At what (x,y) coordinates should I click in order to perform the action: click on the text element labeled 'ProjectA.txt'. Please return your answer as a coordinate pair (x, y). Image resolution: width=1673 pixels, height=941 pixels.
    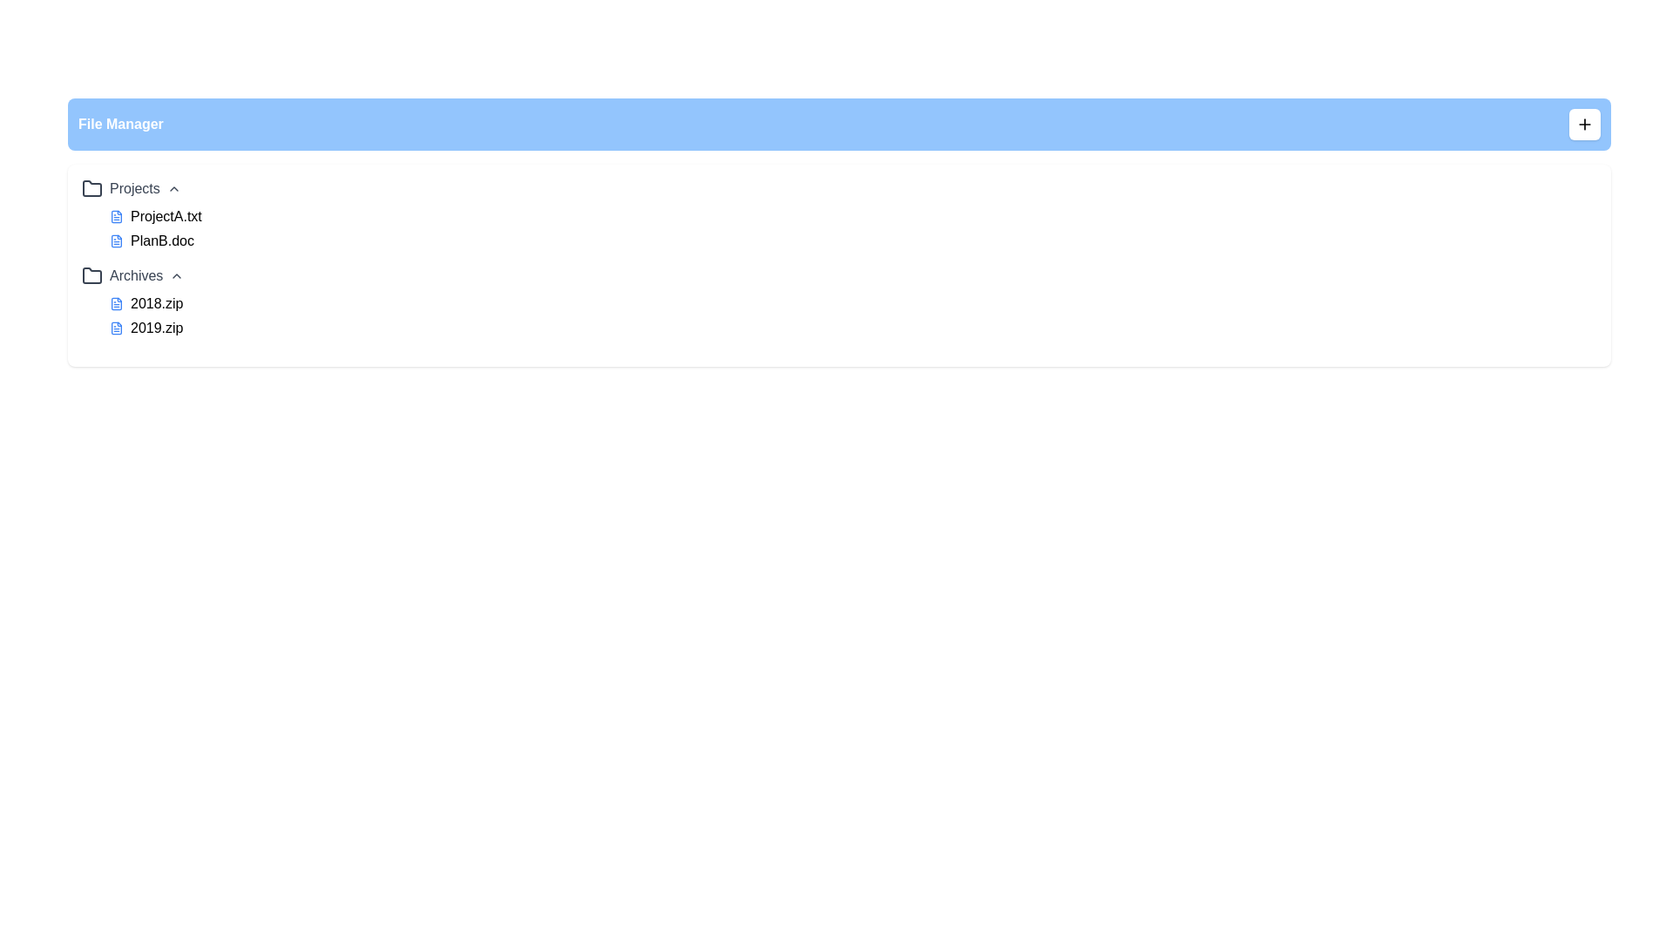
    Looking at the image, I should click on (166, 216).